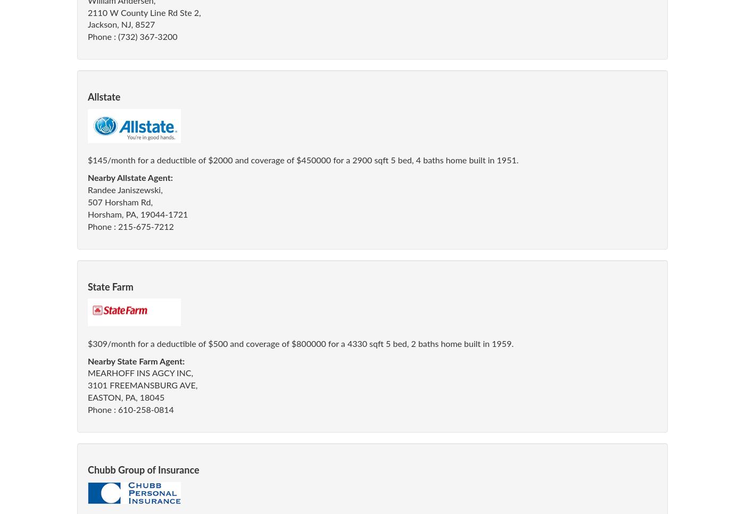 The image size is (745, 514). I want to click on 'Allstate', so click(104, 98).